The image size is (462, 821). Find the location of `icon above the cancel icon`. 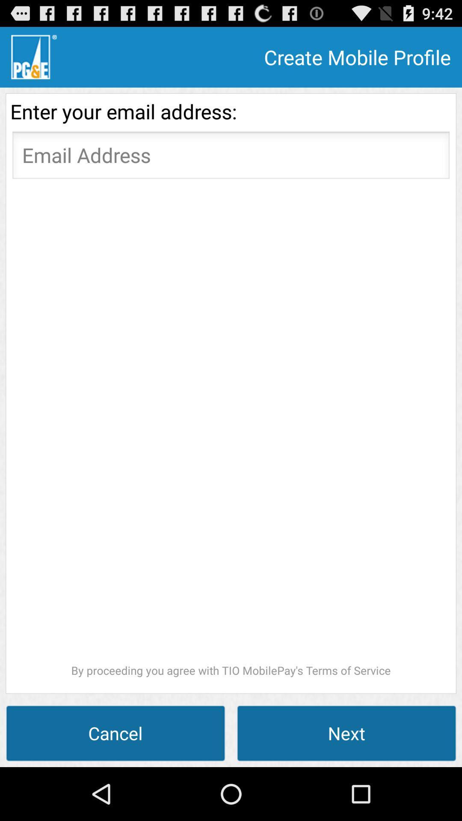

icon above the cancel icon is located at coordinates (231, 431).